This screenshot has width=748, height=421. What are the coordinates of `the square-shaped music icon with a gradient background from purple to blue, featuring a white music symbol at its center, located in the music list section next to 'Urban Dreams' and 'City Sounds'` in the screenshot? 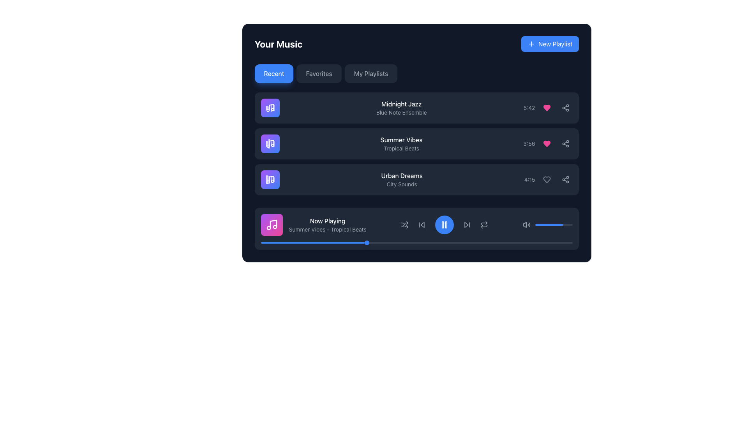 It's located at (270, 180).